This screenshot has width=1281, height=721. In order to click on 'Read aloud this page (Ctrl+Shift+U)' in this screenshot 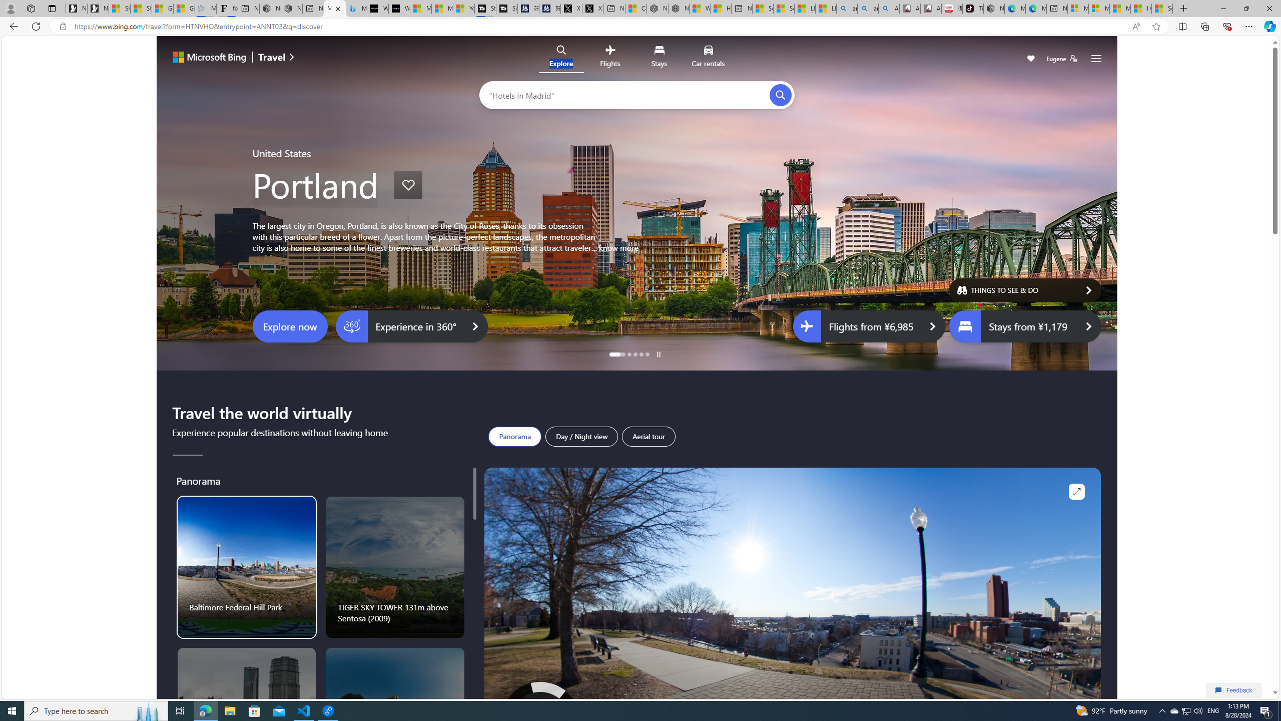, I will do `click(1136, 27)`.